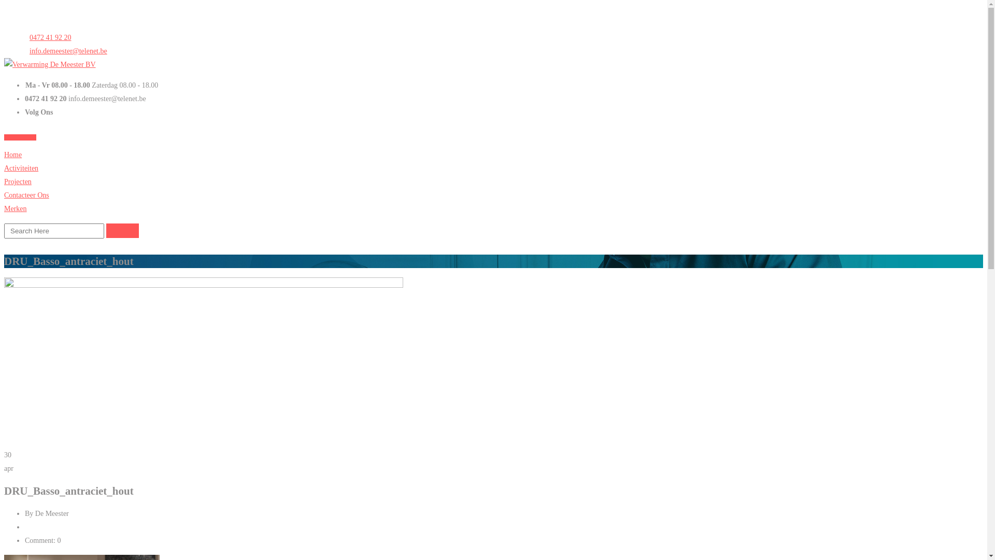  What do you see at coordinates (21, 167) in the screenshot?
I see `'Activiteiten'` at bounding box center [21, 167].